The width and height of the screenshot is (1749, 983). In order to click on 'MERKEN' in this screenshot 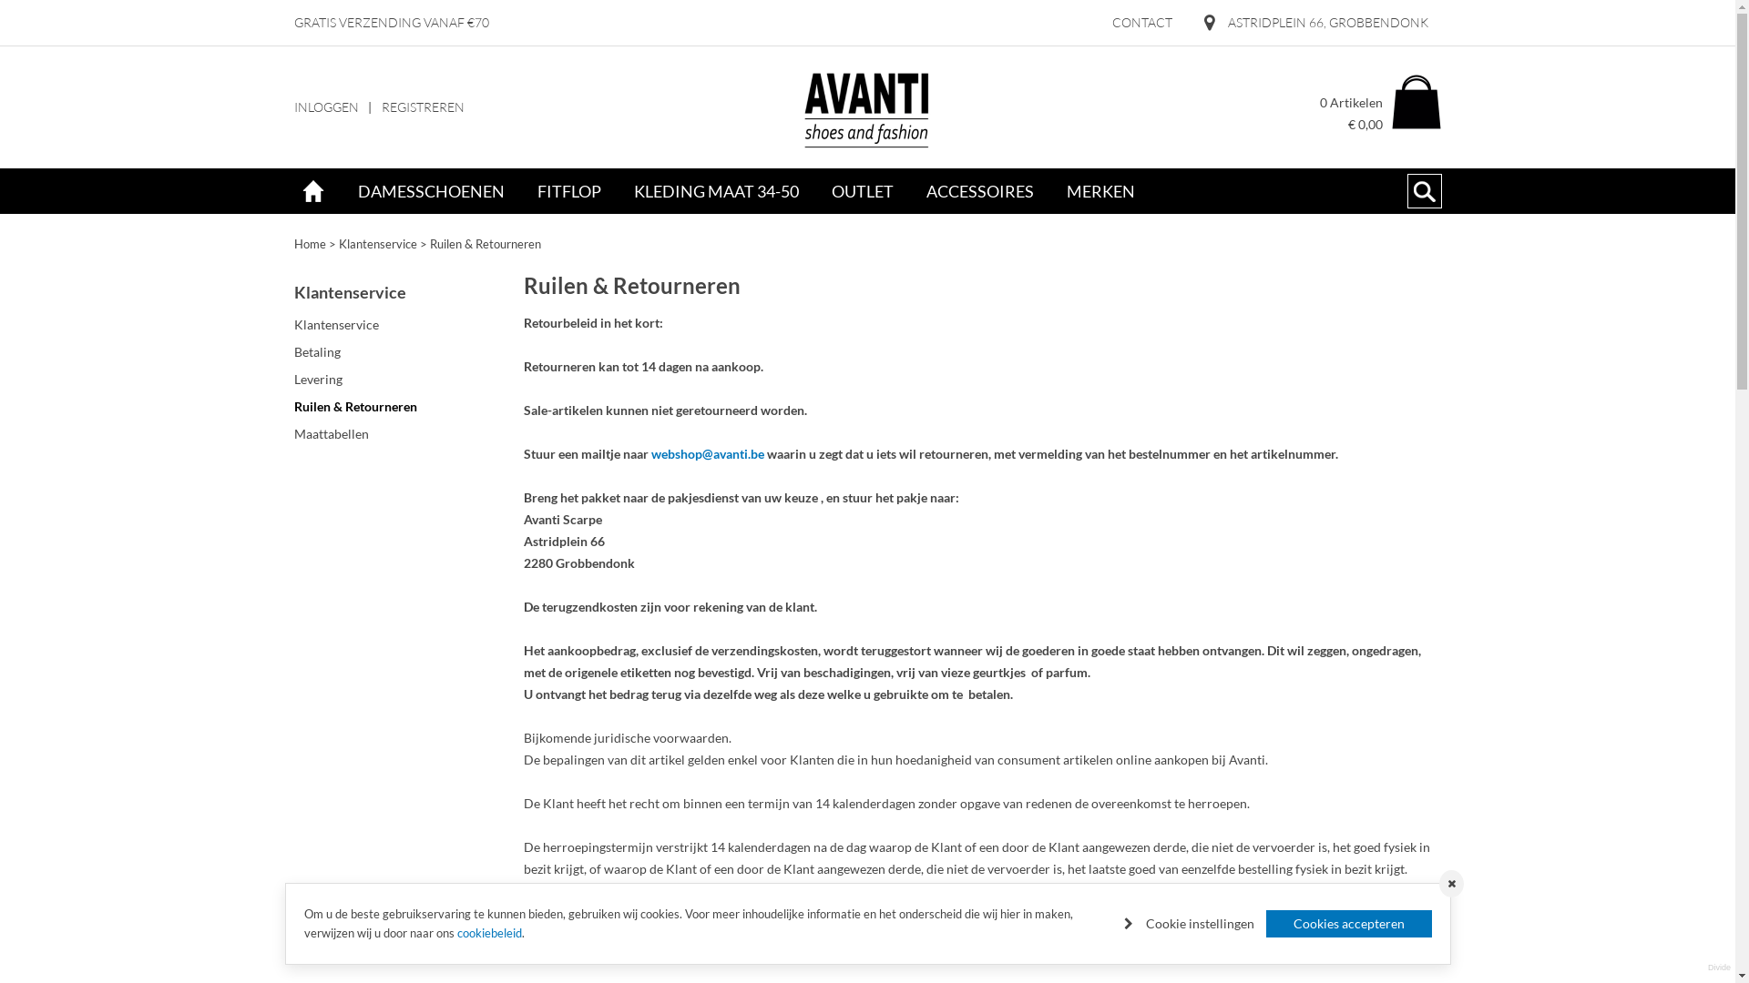, I will do `click(1099, 191)`.